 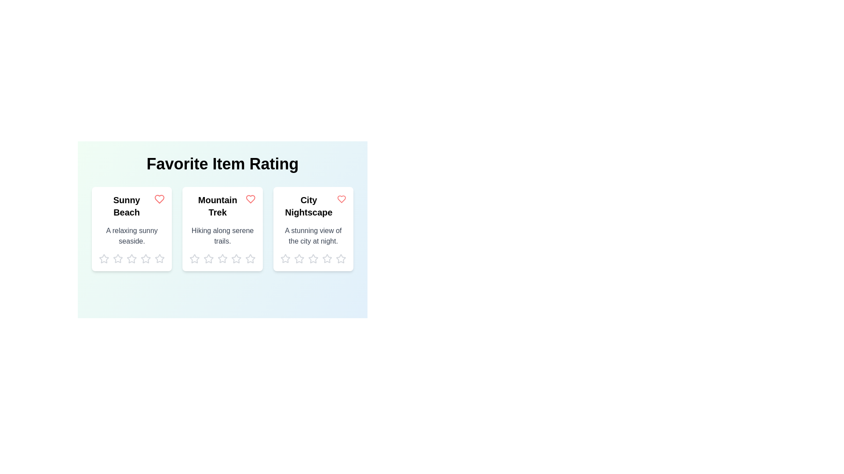 What do you see at coordinates (146, 259) in the screenshot?
I see `the rating of an item to 4 stars` at bounding box center [146, 259].